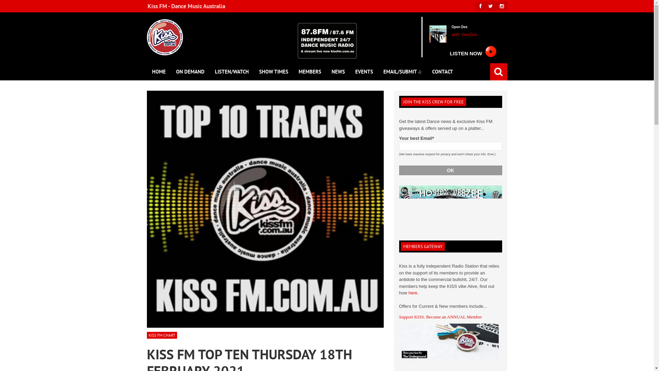  What do you see at coordinates (471, 50) in the screenshot?
I see `'LISTEN NOW'` at bounding box center [471, 50].